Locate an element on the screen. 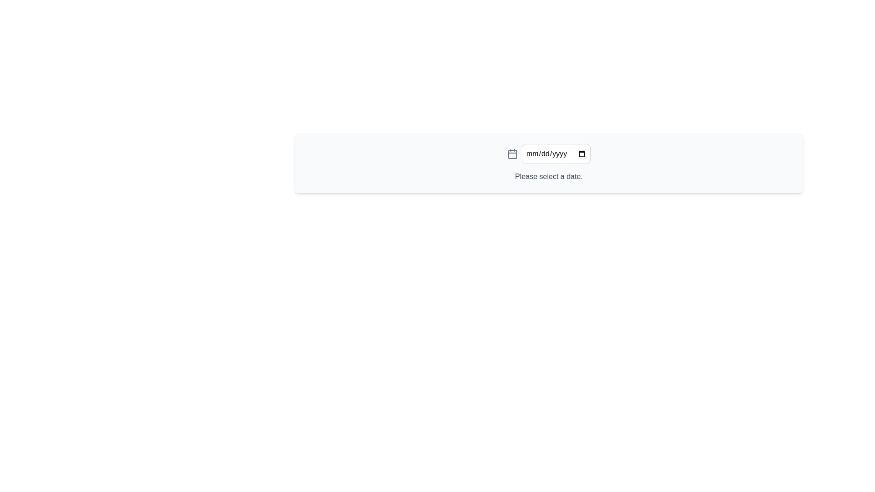 This screenshot has height=492, width=875. the static text that reads 'Please select a date.', which is styled in gray and positioned below the date input field is located at coordinates (548, 177).